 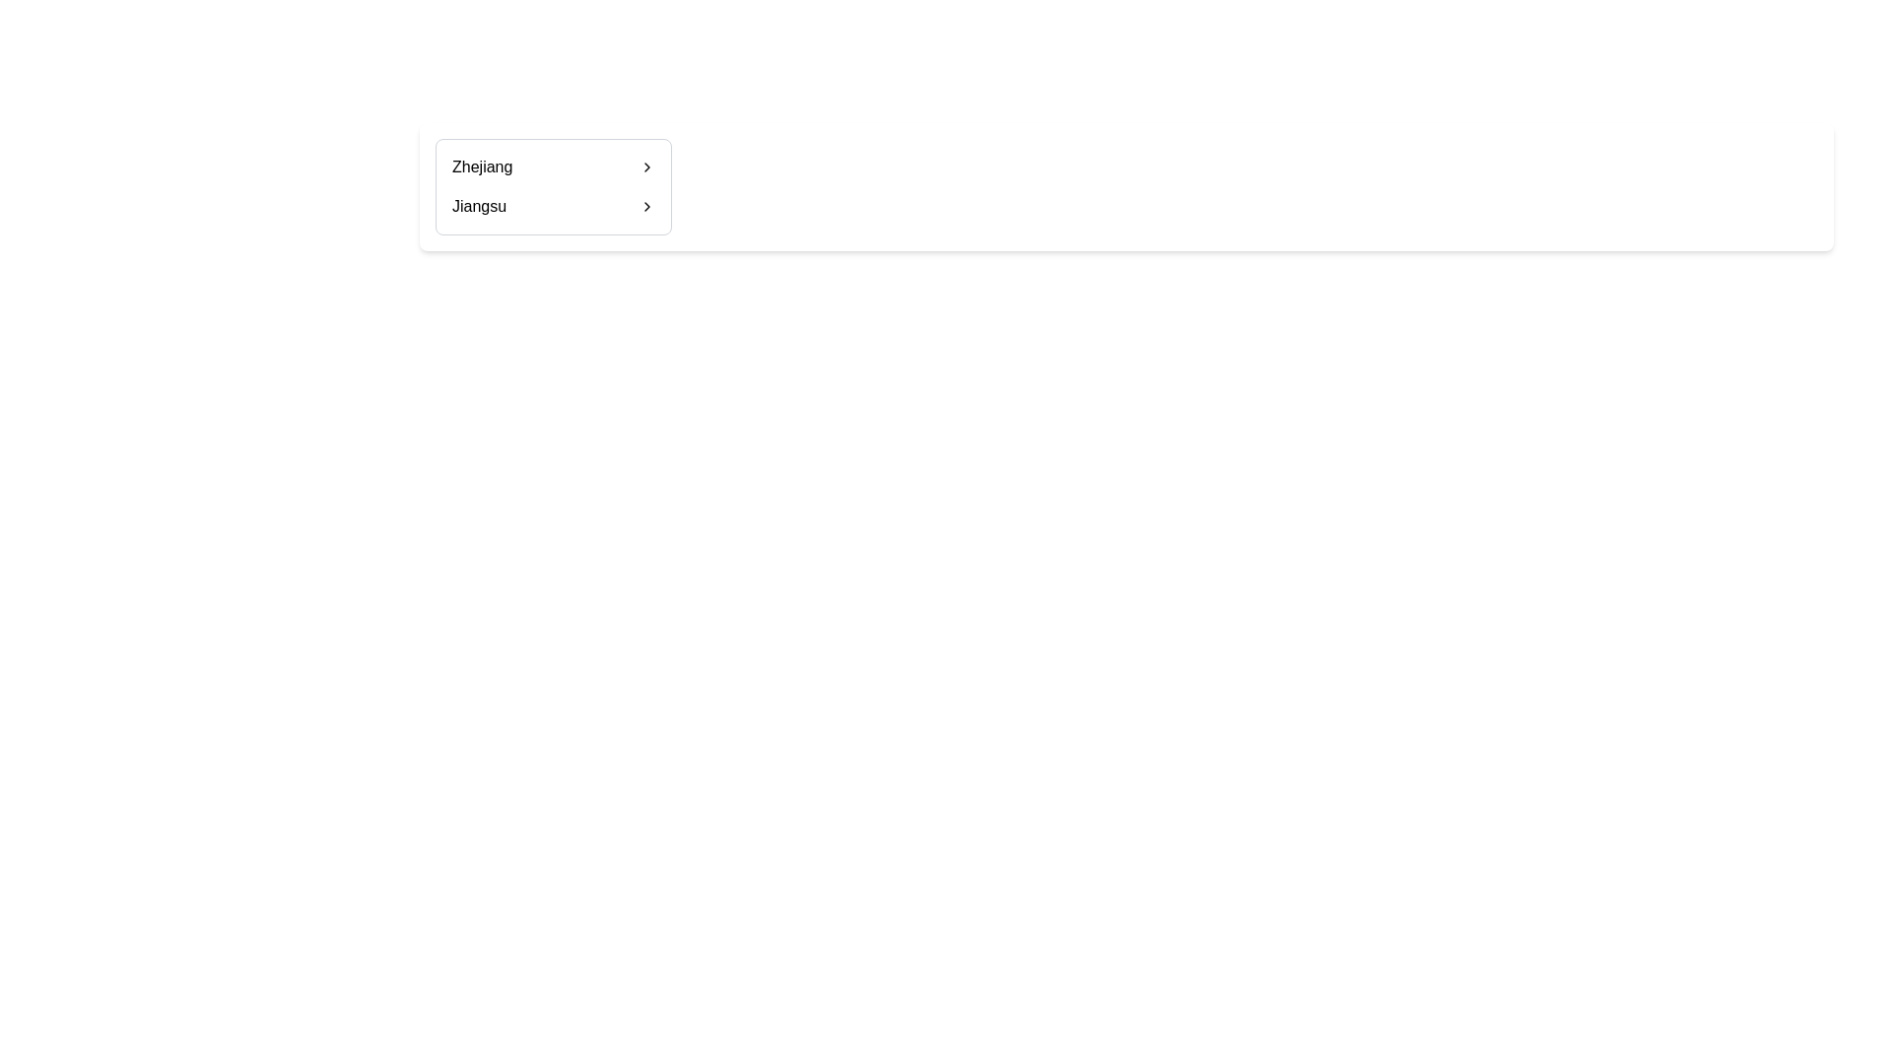 I want to click on the text label displaying 'Zhejiang', so click(x=482, y=166).